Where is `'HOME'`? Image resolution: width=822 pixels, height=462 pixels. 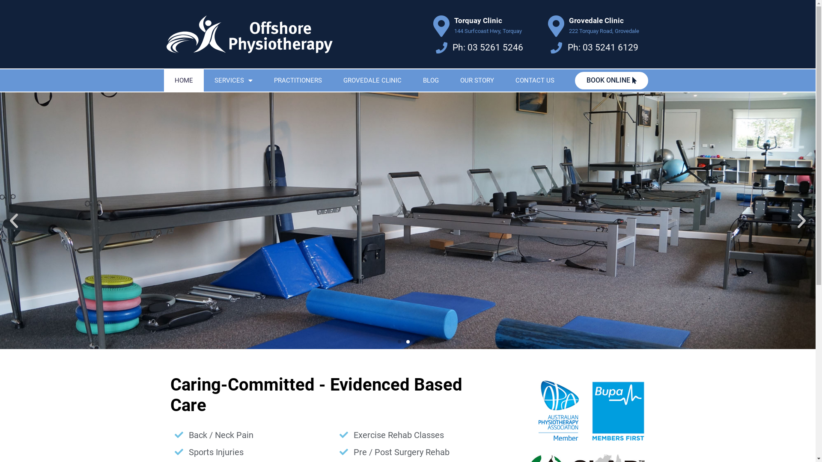
'HOME' is located at coordinates (183, 80).